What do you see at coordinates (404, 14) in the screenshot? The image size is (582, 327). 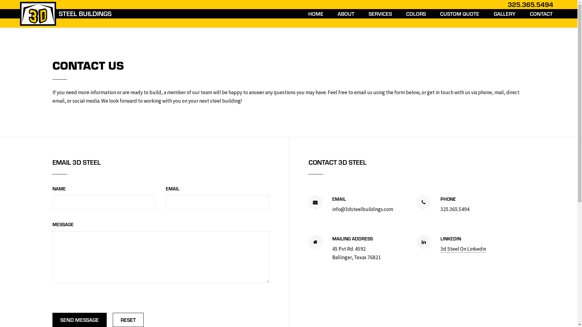 I see `'COLORS'` at bounding box center [404, 14].